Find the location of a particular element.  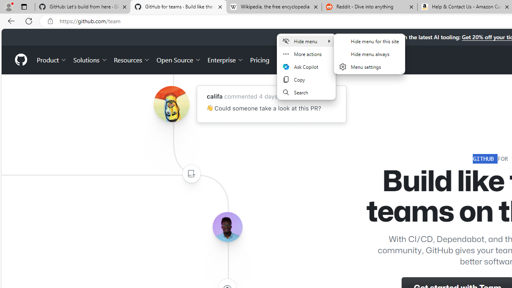

'More actions' is located at coordinates (306, 54).